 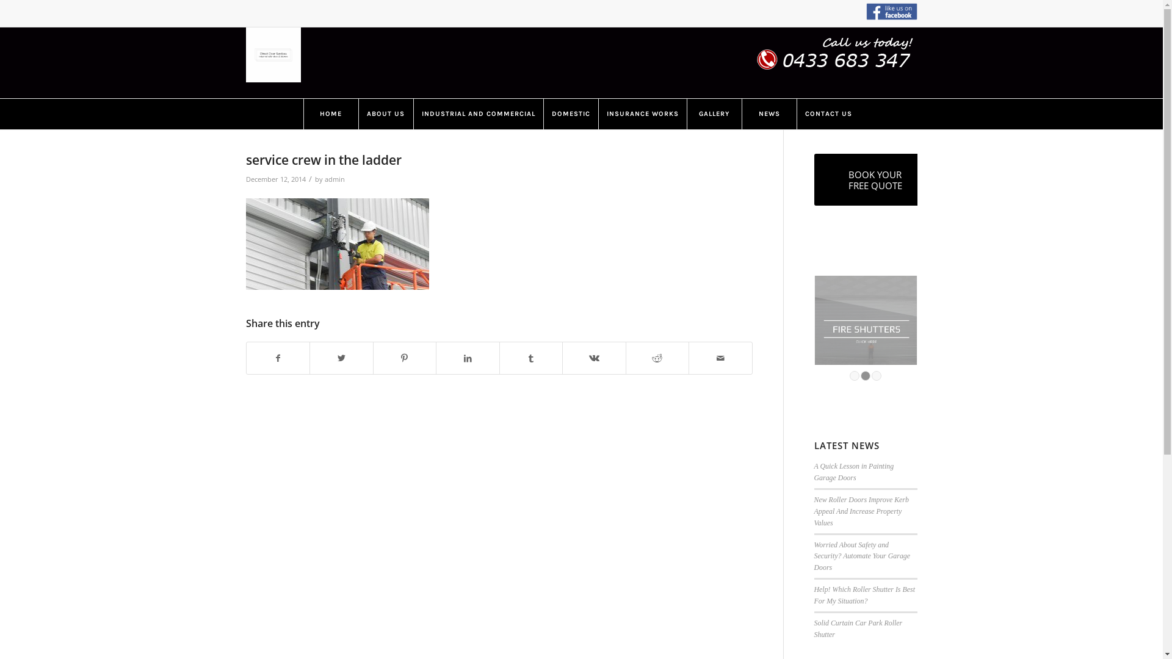 I want to click on 'A Quick Lesson in Painting Garage Doors', so click(x=853, y=471).